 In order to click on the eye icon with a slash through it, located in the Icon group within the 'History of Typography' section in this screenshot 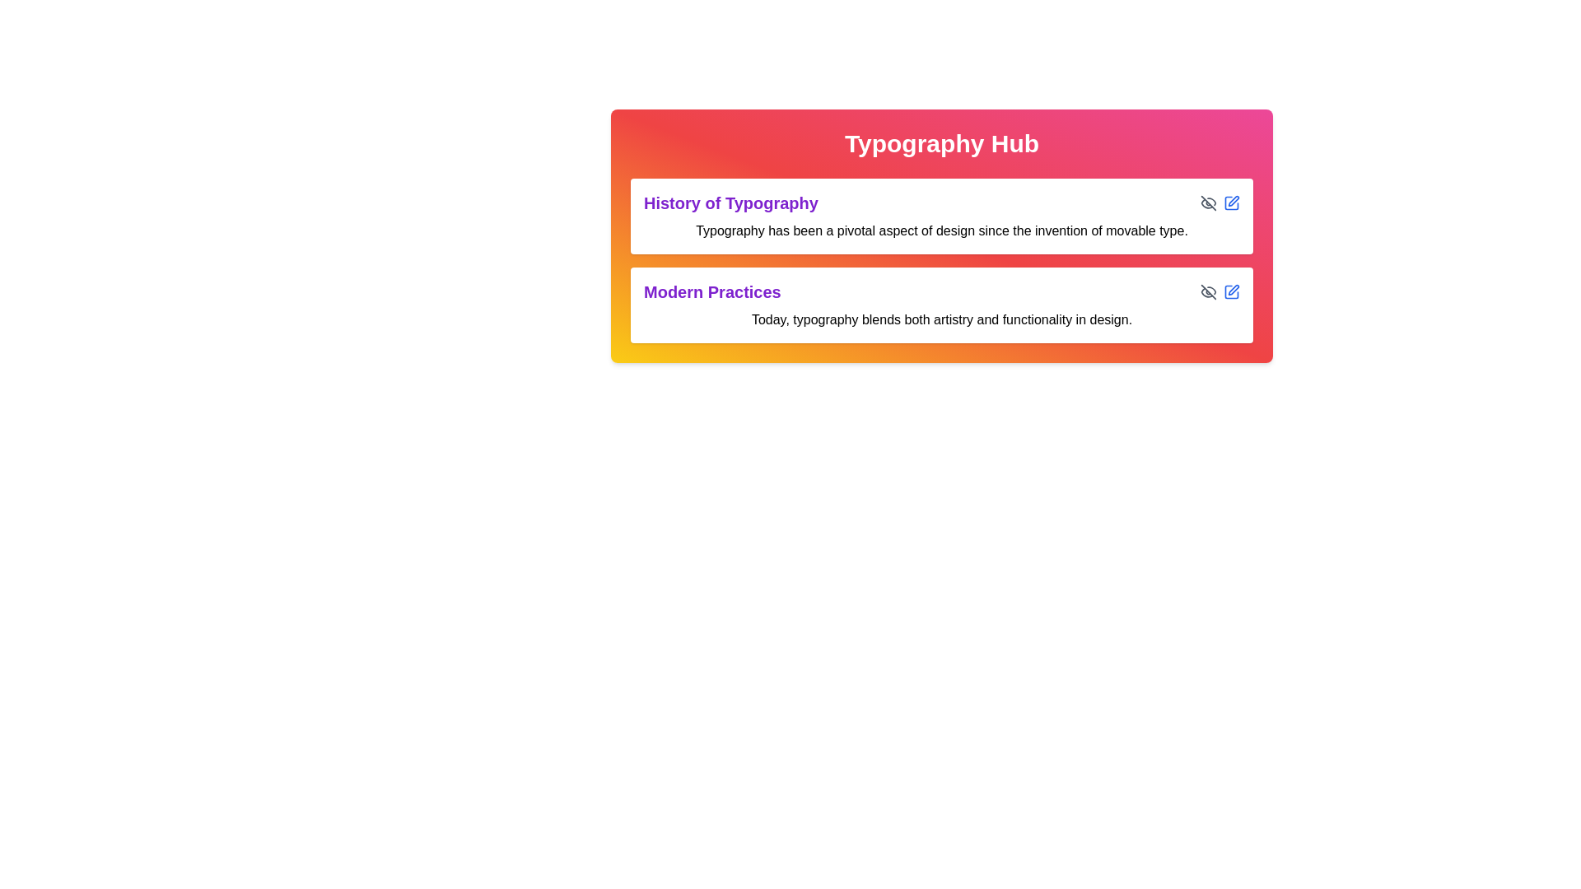, I will do `click(1220, 202)`.